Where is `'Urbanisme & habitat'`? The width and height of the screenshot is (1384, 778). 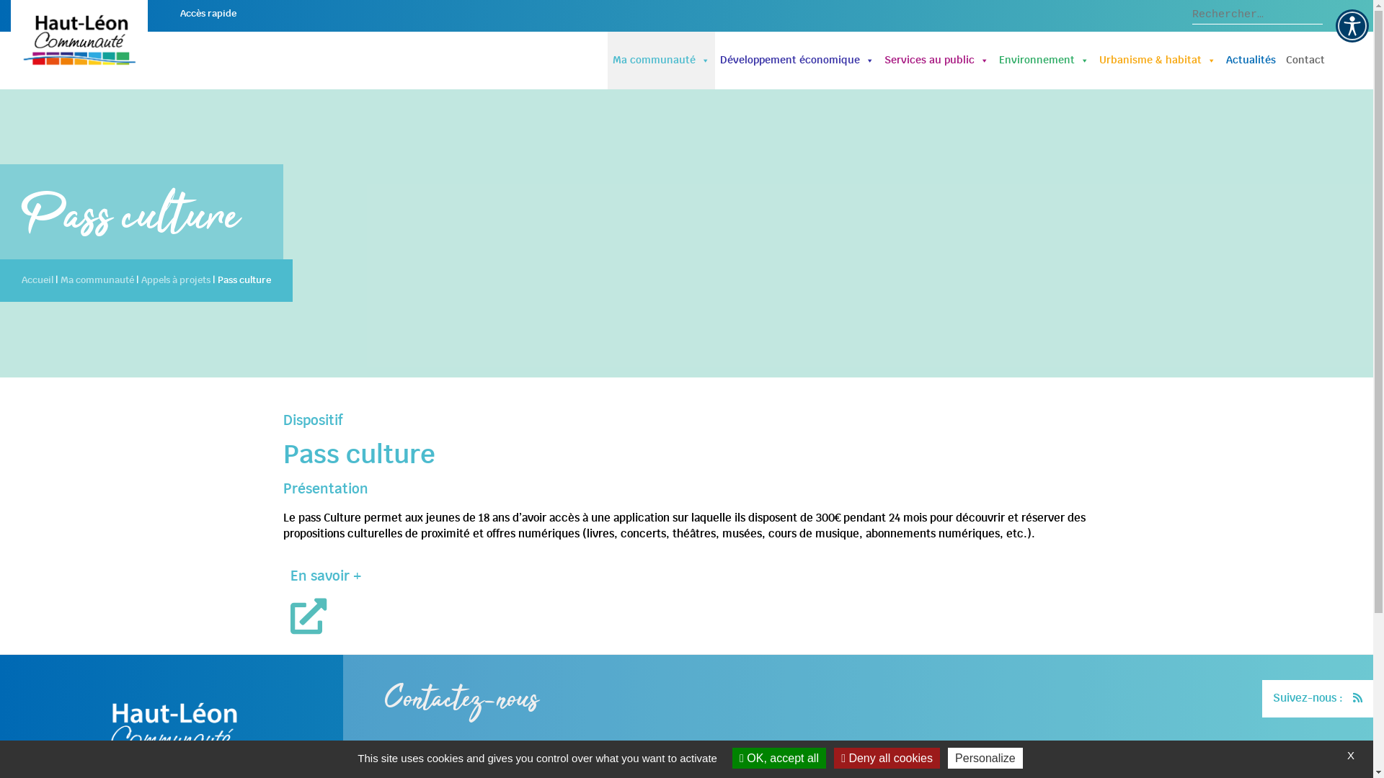 'Urbanisme & habitat' is located at coordinates (1094, 60).